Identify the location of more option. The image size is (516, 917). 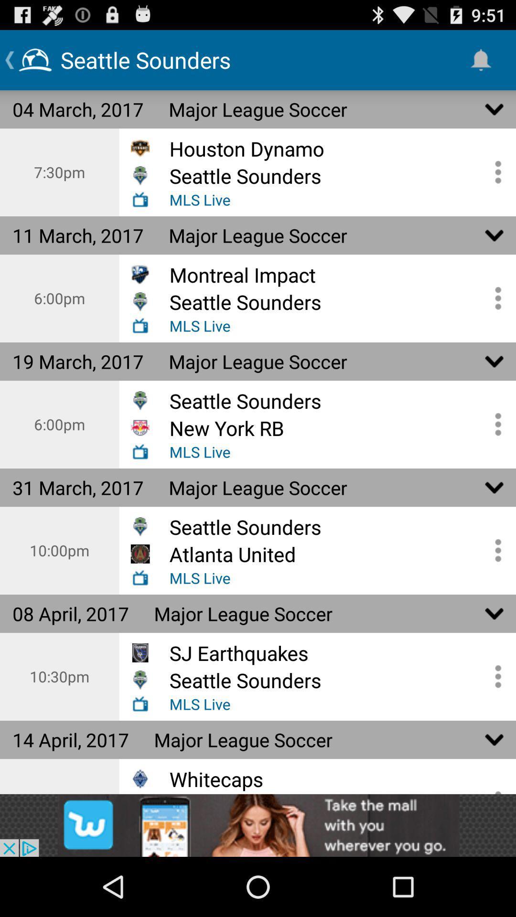
(494, 424).